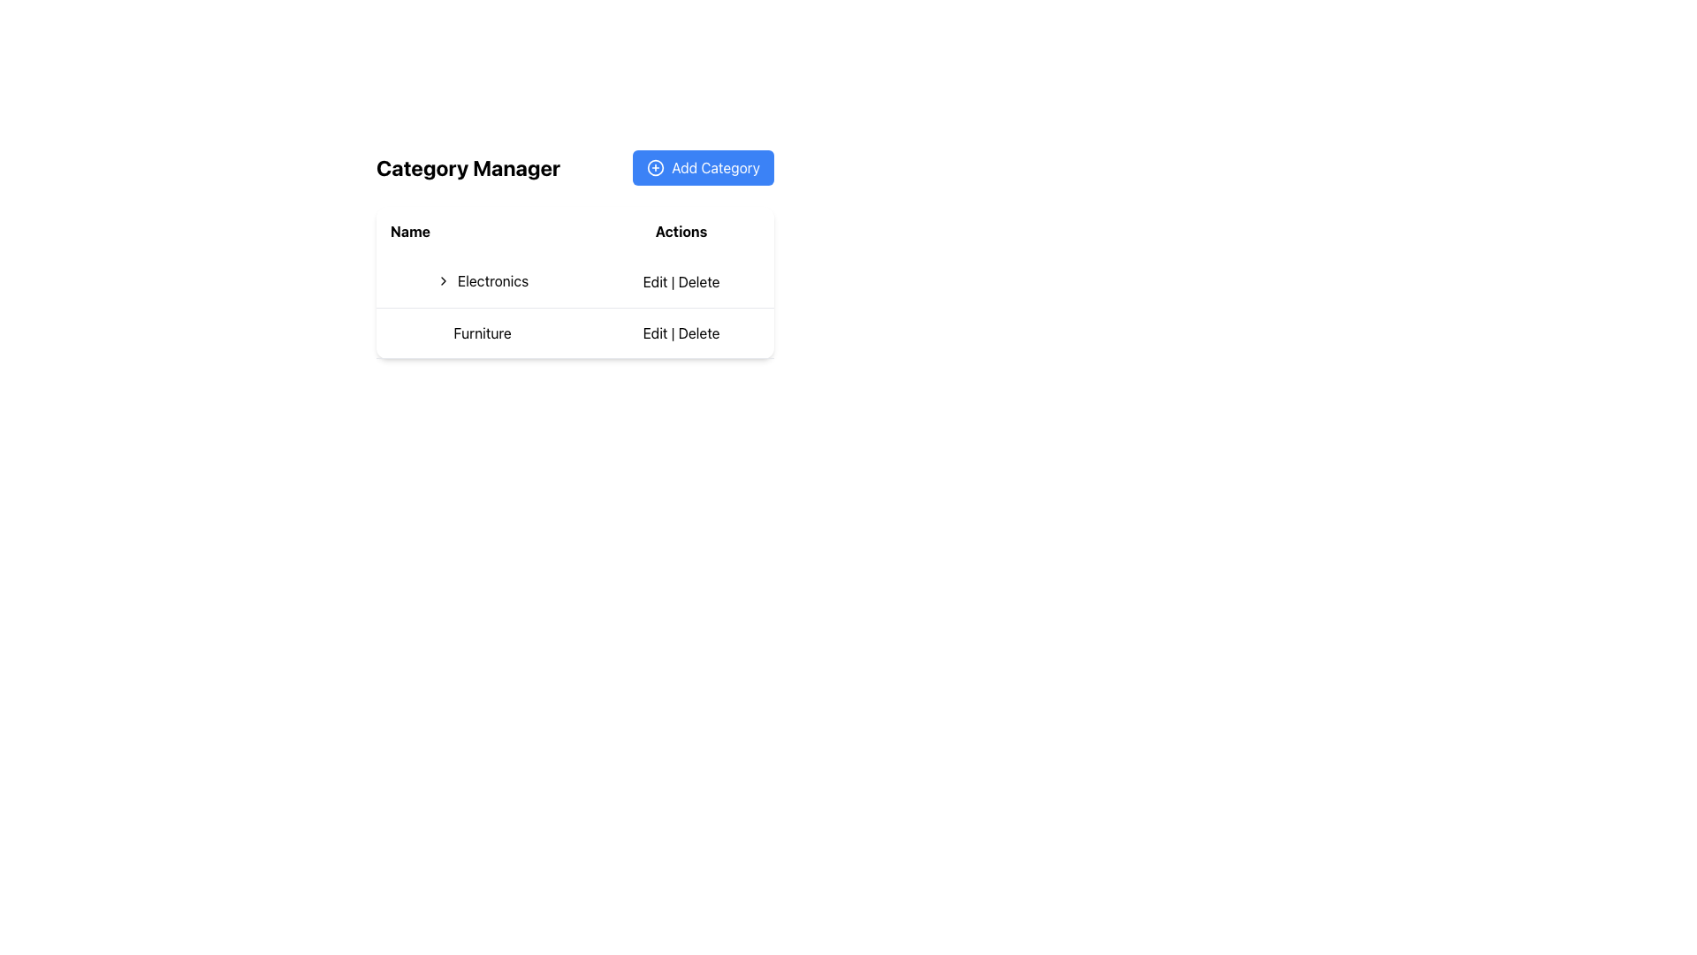 This screenshot has width=1697, height=955. What do you see at coordinates (681, 333) in the screenshot?
I see `the 'Delete' option in the Text-based action options located under the 'Actions' column, aligned with the 'Furniture' category in the 'Name' column, to initiate the delete confirmation dialog` at bounding box center [681, 333].